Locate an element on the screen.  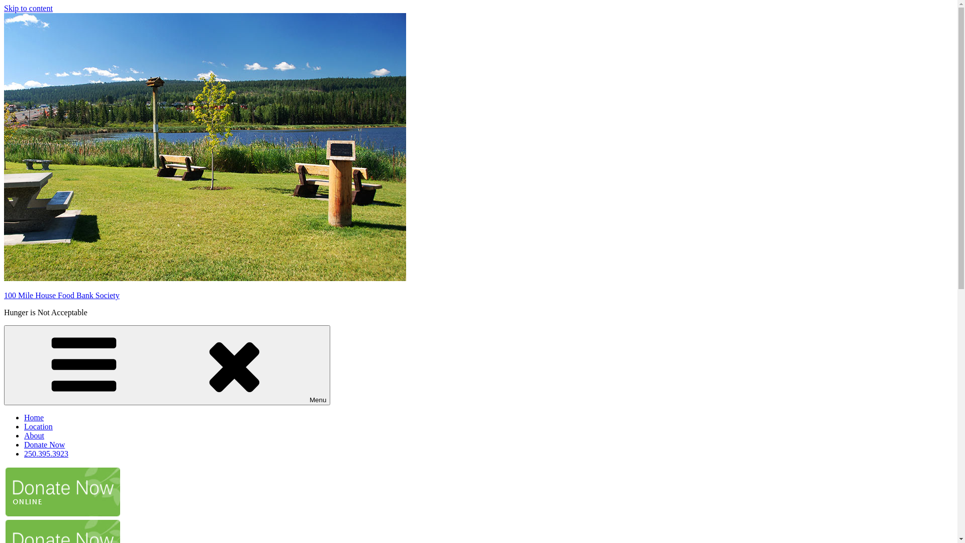
'Home' is located at coordinates (34, 417).